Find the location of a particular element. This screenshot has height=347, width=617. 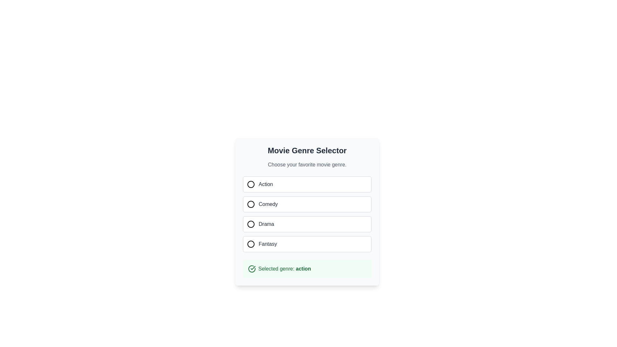

the radio button for the 'Fantasy' movie genre is located at coordinates (307, 244).